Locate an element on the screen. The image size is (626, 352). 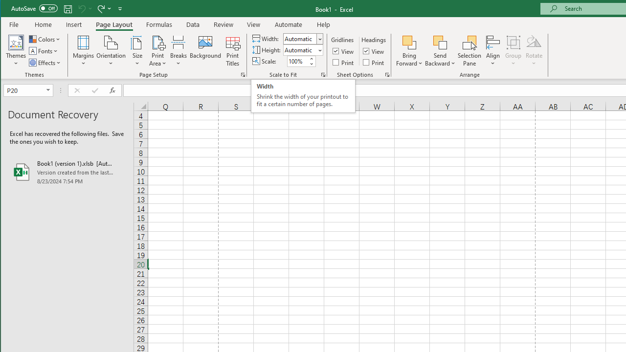
'Send Backward' is located at coordinates (440, 51).